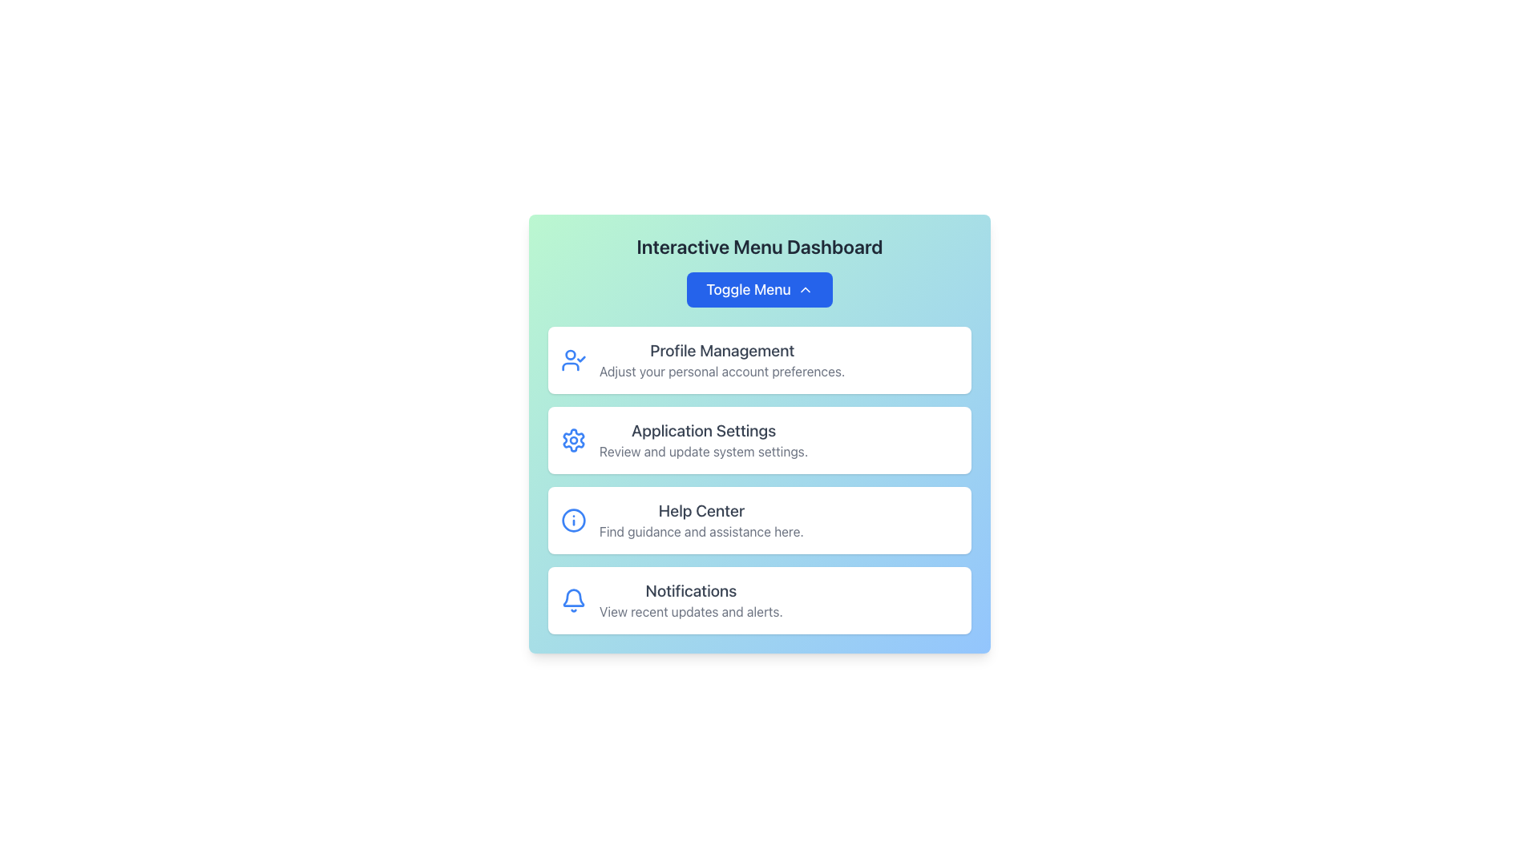 The width and height of the screenshot is (1539, 865). Describe the element at coordinates (704, 451) in the screenshot. I see `the text label displaying 'Review and update system settings.' which is located beneath the 'Application Settings' heading` at that location.